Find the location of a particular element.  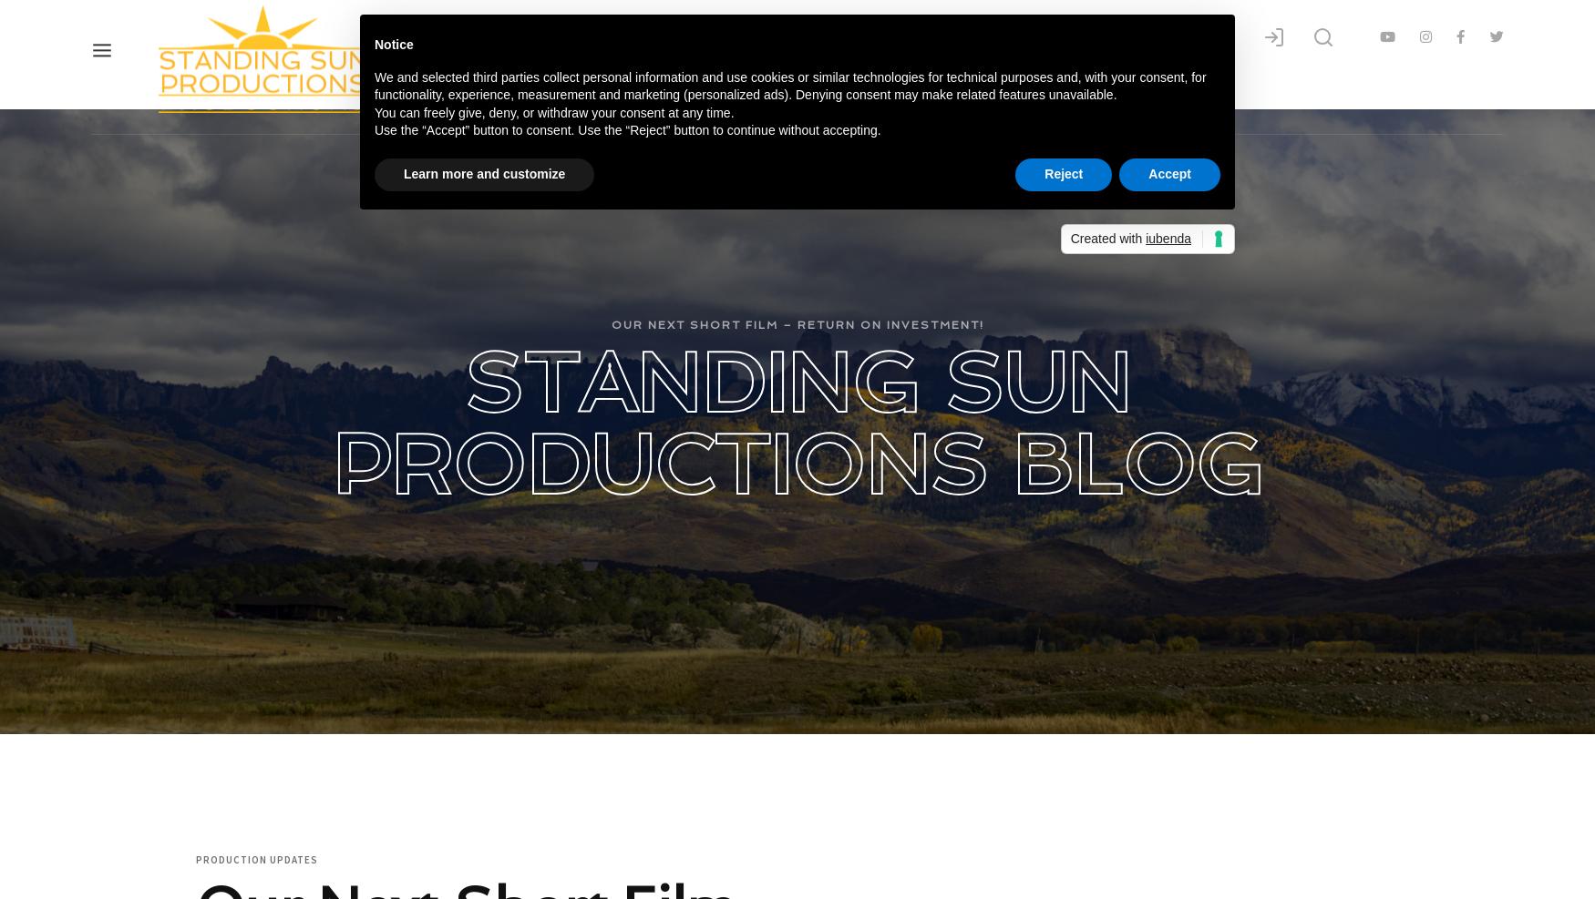

'We and selected third parties collect personal information and use cookies or similar technologies for technical purposes and, with your consent, for functionality, experience, measurement and marketing (personalized ads). Denying consent may make related features unavailable.' is located at coordinates (789, 85).